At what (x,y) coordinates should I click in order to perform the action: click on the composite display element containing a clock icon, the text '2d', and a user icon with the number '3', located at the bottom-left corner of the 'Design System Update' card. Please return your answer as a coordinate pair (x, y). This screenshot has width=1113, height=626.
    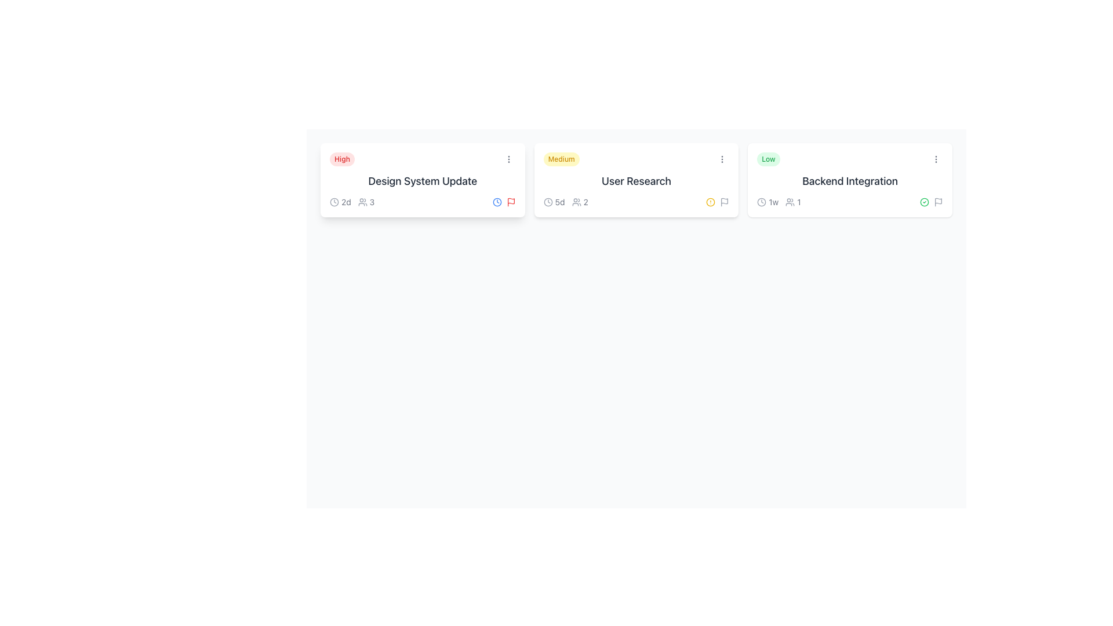
    Looking at the image, I should click on (351, 201).